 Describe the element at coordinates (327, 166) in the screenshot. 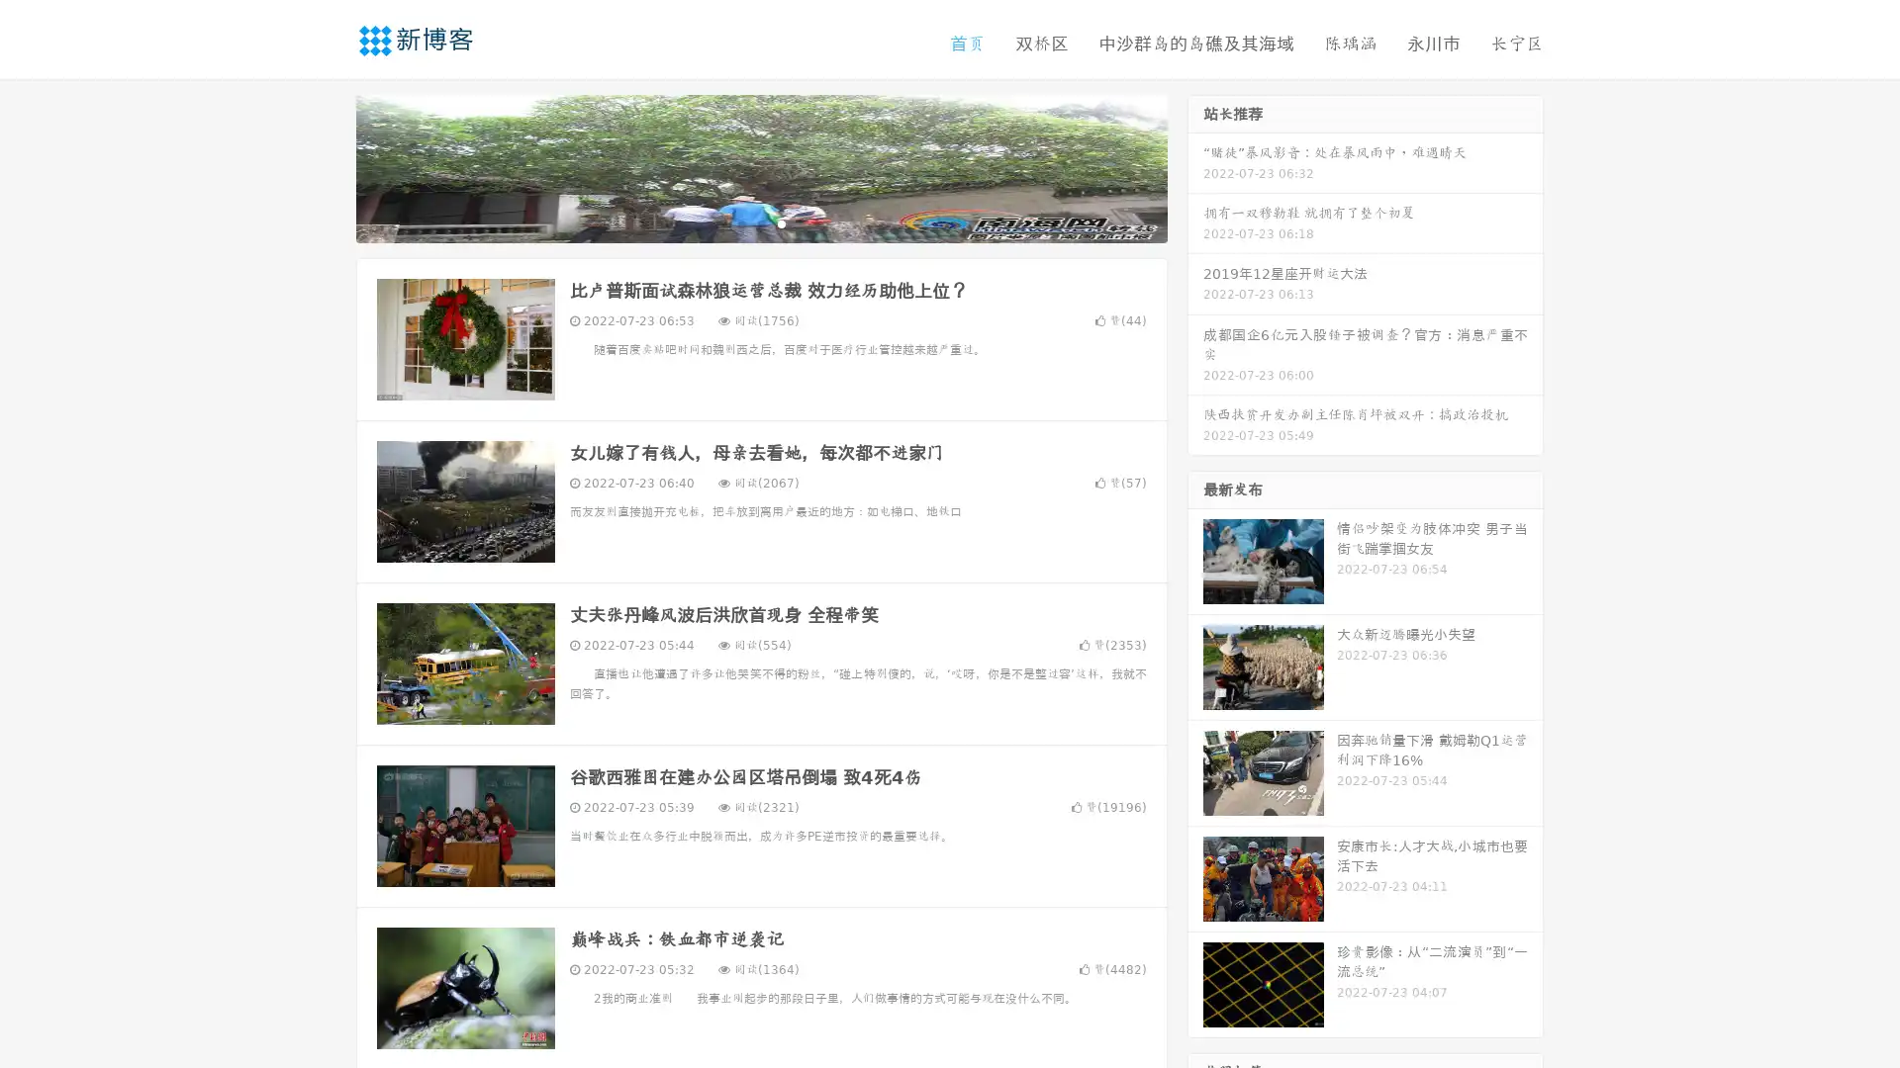

I see `Previous slide` at that location.